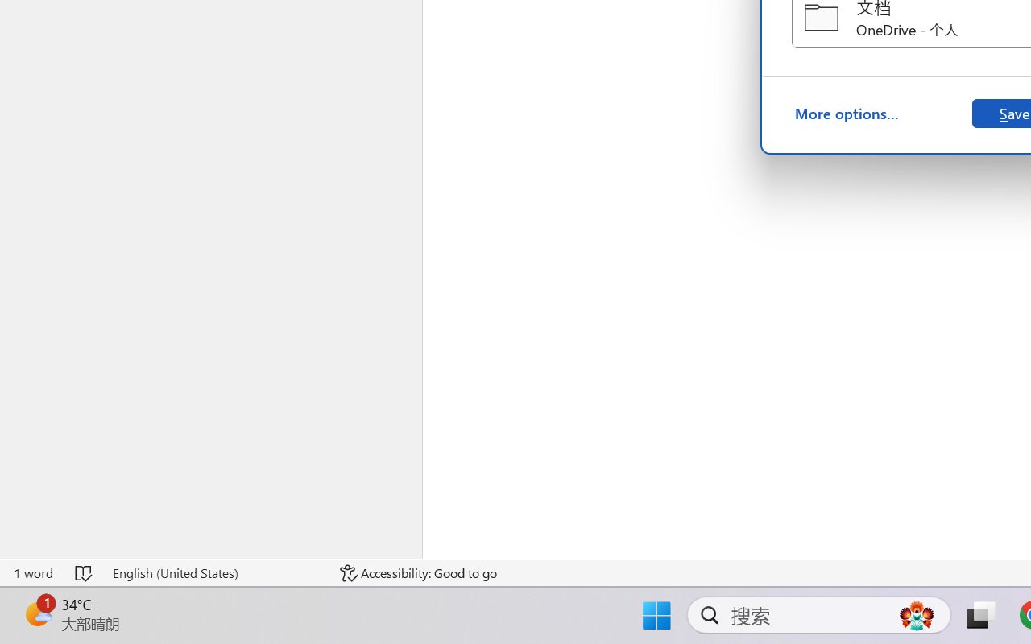  Describe the element at coordinates (33, 572) in the screenshot. I see `'Word Count 1 word'` at that location.